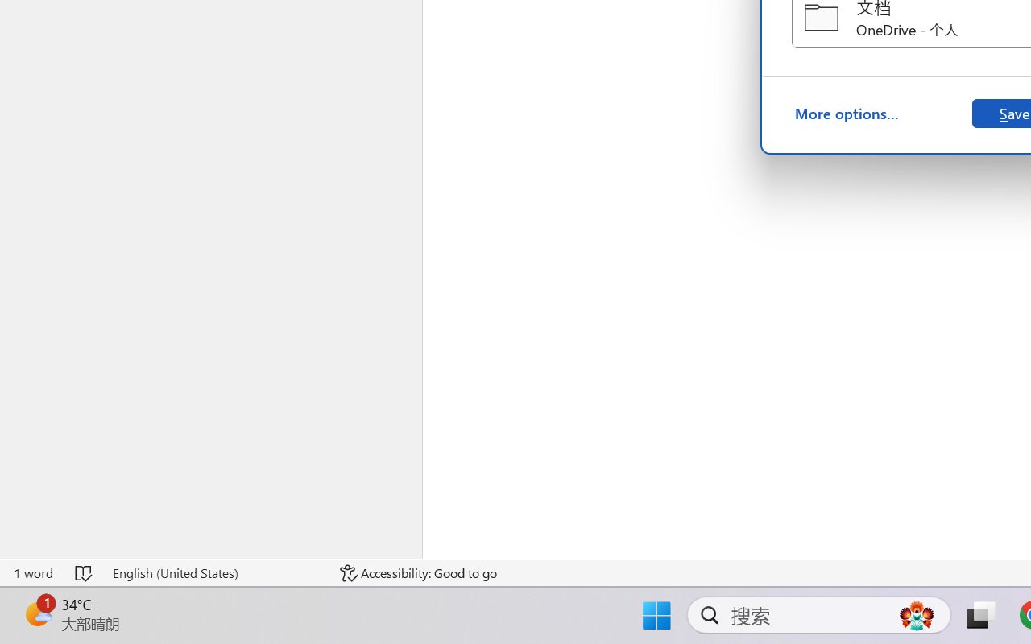  Describe the element at coordinates (33, 572) in the screenshot. I see `'Word Count 1 word'` at that location.